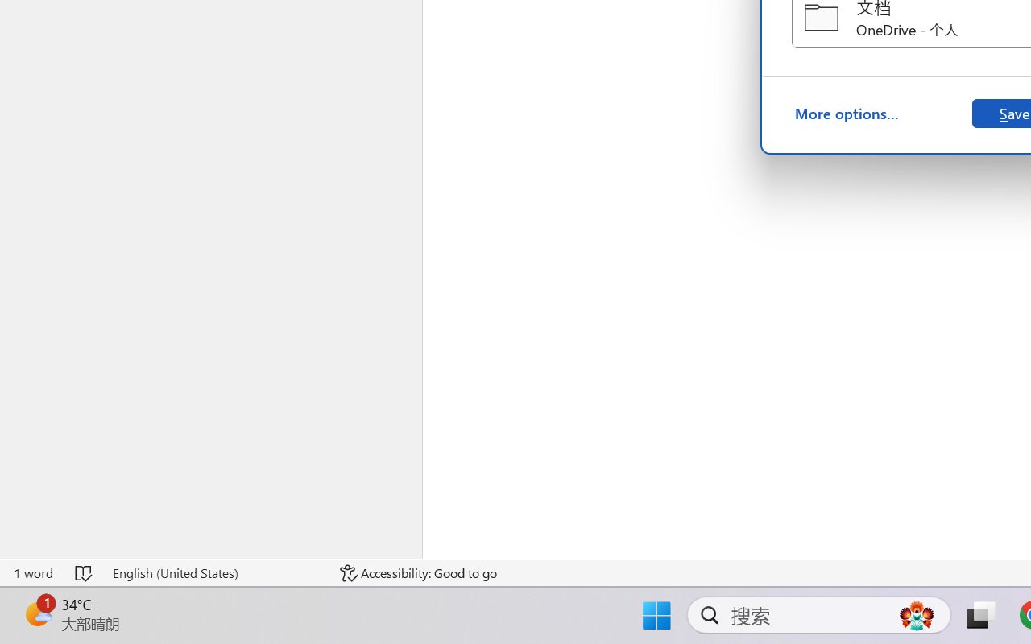  Describe the element at coordinates (33, 572) in the screenshot. I see `'Word Count 1 word'` at that location.